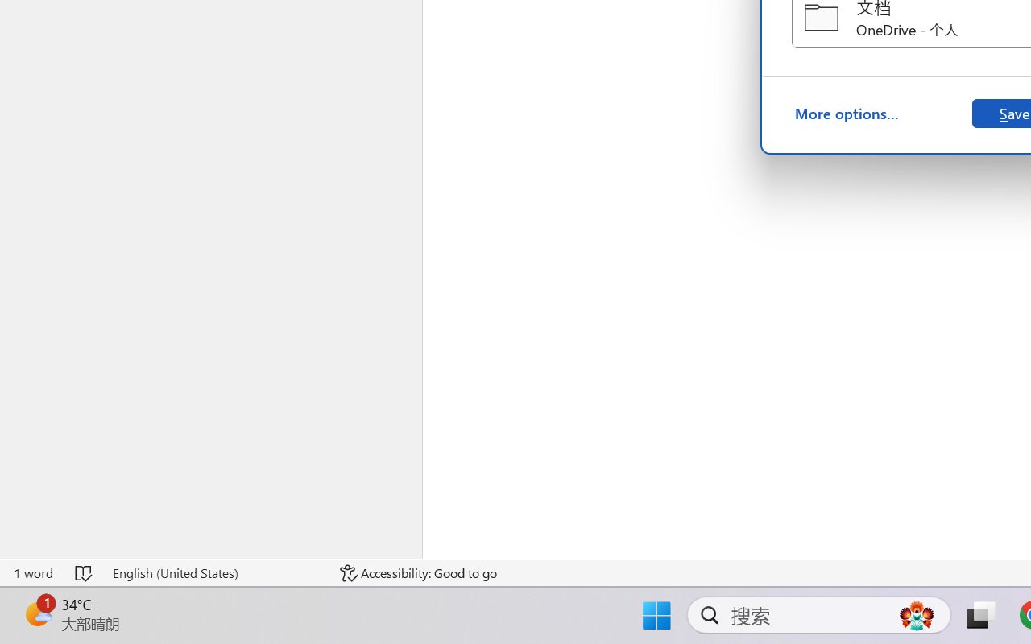  Describe the element at coordinates (33, 572) in the screenshot. I see `'Word Count 1 word'` at that location.